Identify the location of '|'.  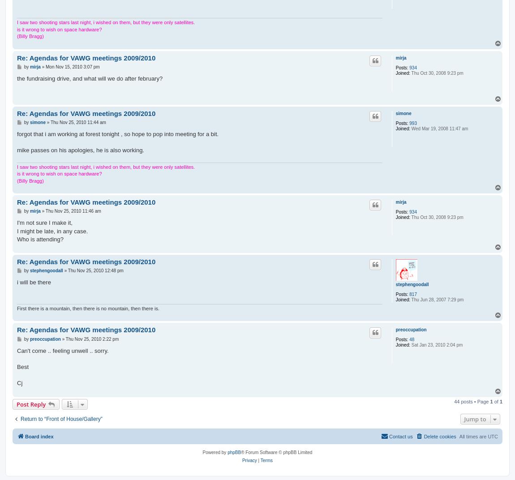
(257, 460).